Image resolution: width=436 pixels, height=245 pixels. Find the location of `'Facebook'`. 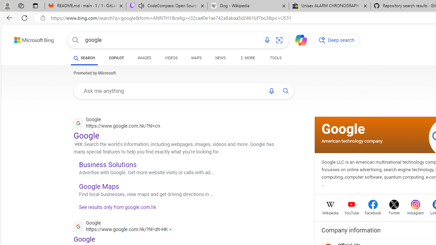

'Facebook' is located at coordinates (373, 212).